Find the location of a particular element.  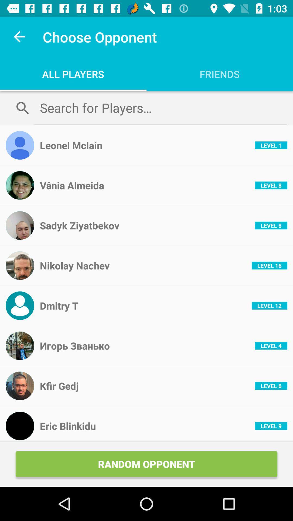

look for players in game is located at coordinates (160, 108).